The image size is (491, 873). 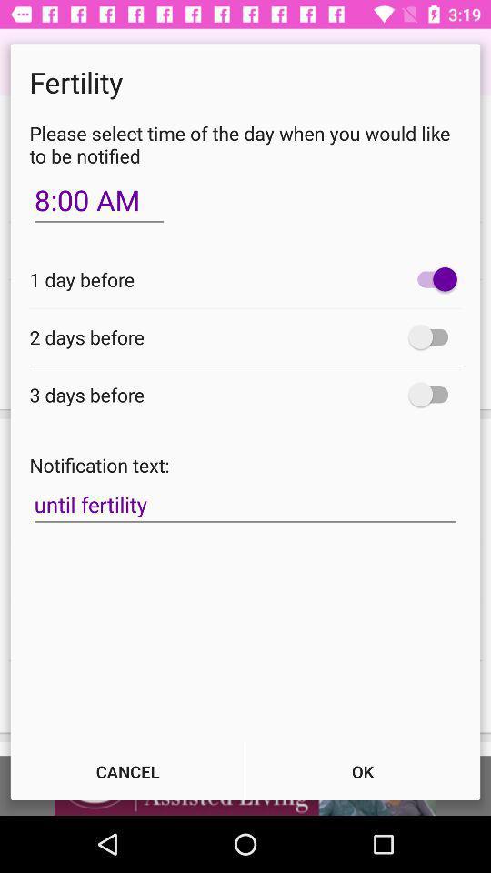 I want to click on icon at the top right corner, so click(x=432, y=279).